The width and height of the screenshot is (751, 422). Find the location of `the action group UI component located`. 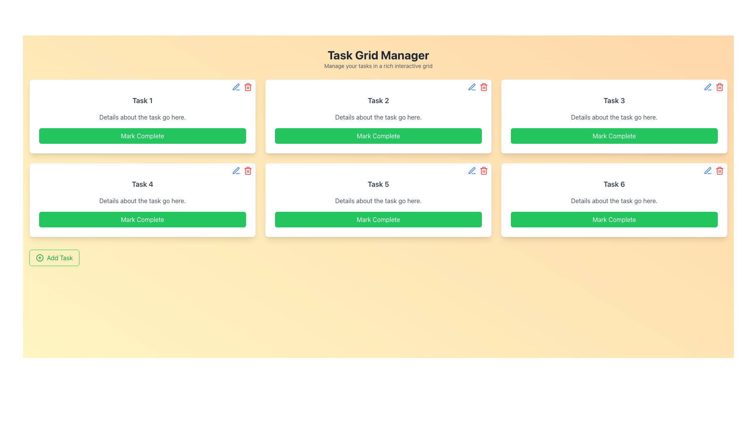

the action group UI component located is located at coordinates (242, 170).